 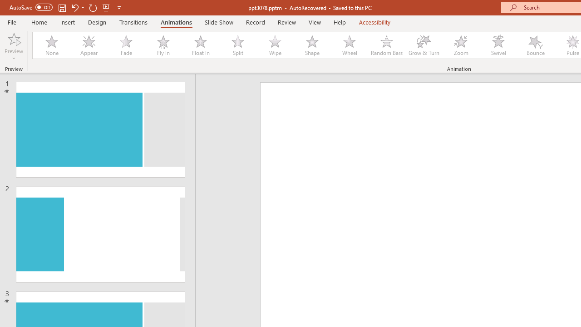 I want to click on 'Wipe', so click(x=274, y=45).